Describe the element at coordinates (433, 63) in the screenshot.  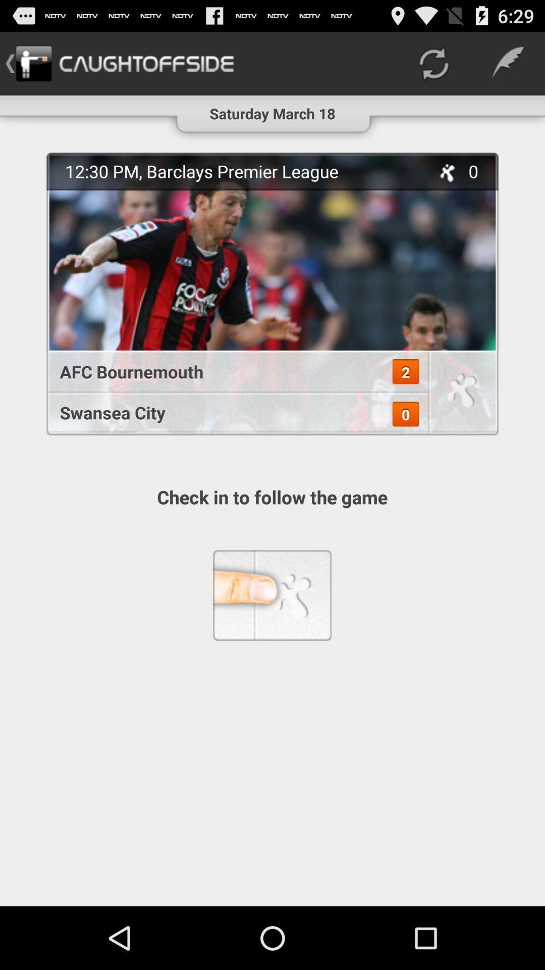
I see `app to the right of the saturday march 18 item` at that location.